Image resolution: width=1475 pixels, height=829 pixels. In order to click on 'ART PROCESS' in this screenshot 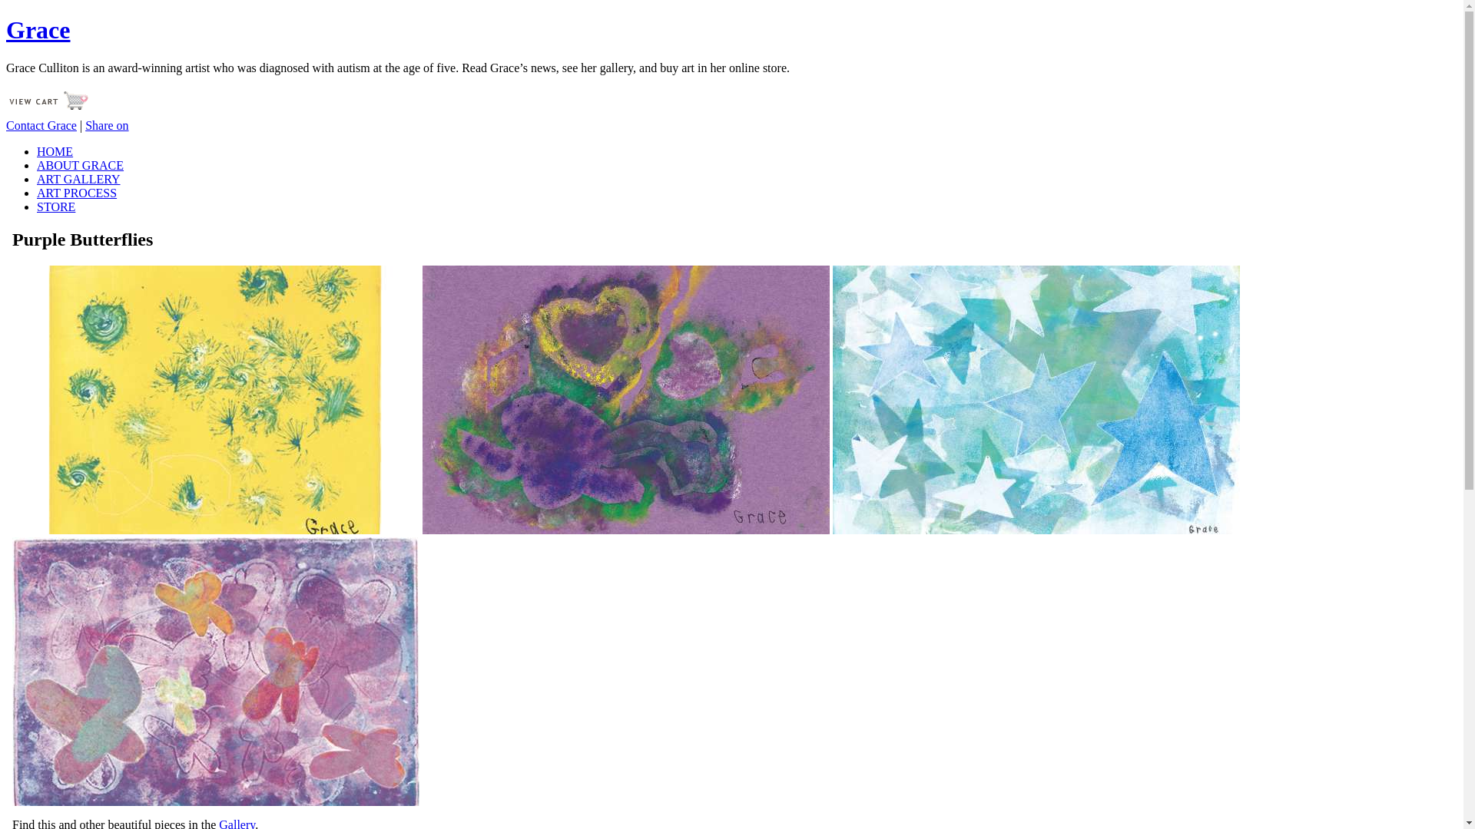, I will do `click(76, 192)`.